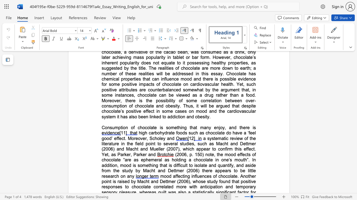  Describe the element at coordinates (241, 160) in the screenshot. I see `the subset text "ut" within the text "(2006, p. 150) note, the mood effects of chocolate “are as ephemeral as holding a chocolate in one’s mout"` at that location.